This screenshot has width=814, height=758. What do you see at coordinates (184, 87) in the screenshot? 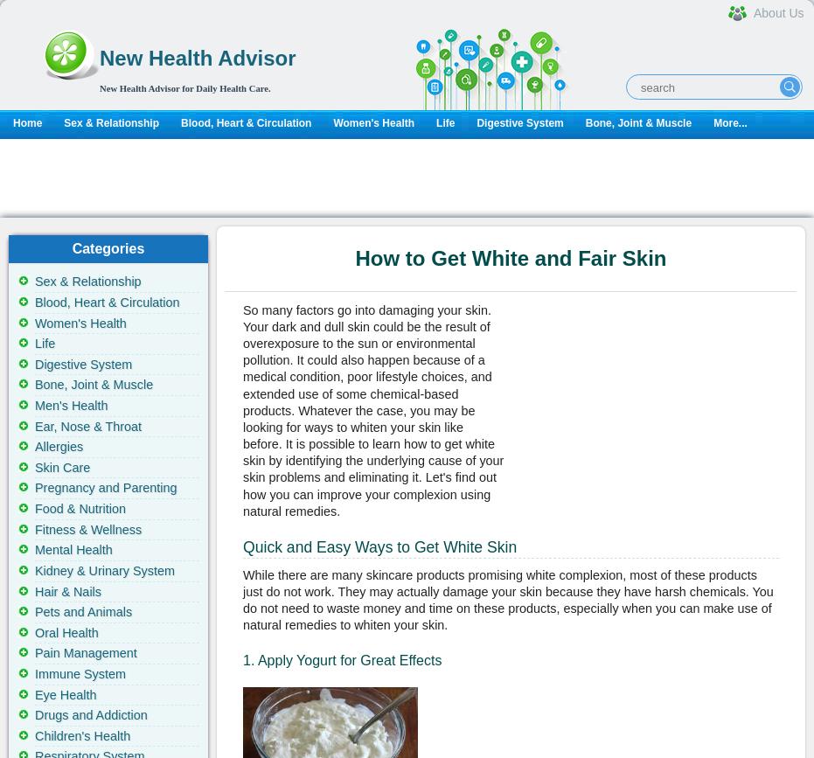
I see `'New Health Advisor for Daily Health Care.'` at bounding box center [184, 87].